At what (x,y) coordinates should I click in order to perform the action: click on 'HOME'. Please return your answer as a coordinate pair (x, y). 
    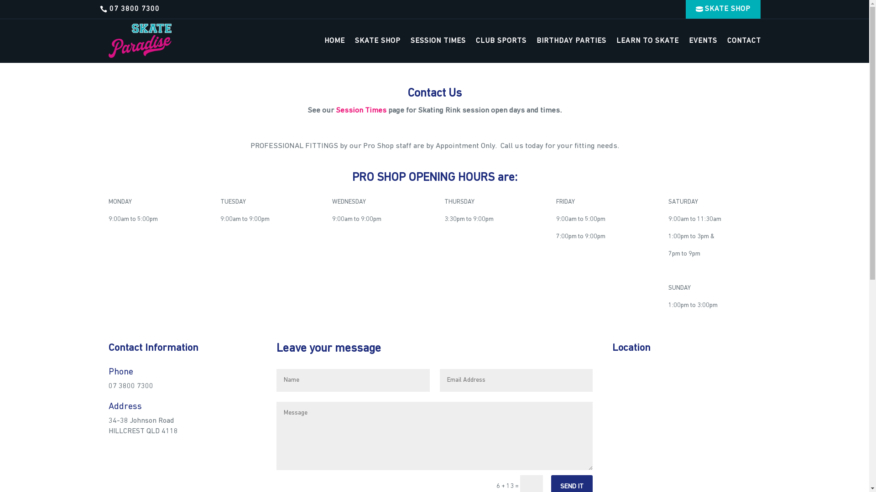
    Looking at the image, I should click on (334, 40).